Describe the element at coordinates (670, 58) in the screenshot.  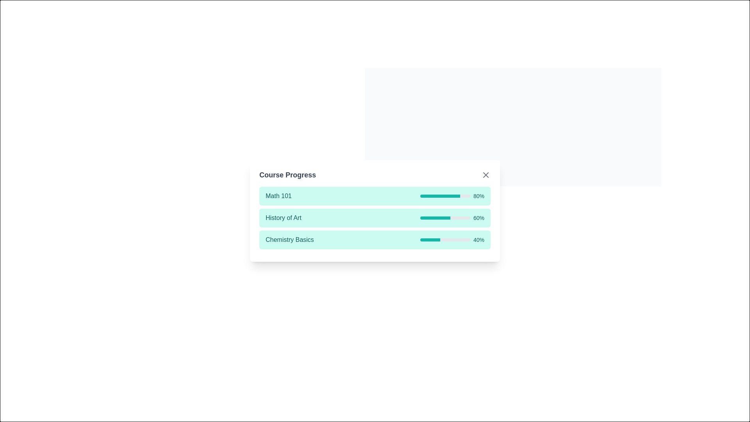
I see `'X' button to close the dialog` at that location.